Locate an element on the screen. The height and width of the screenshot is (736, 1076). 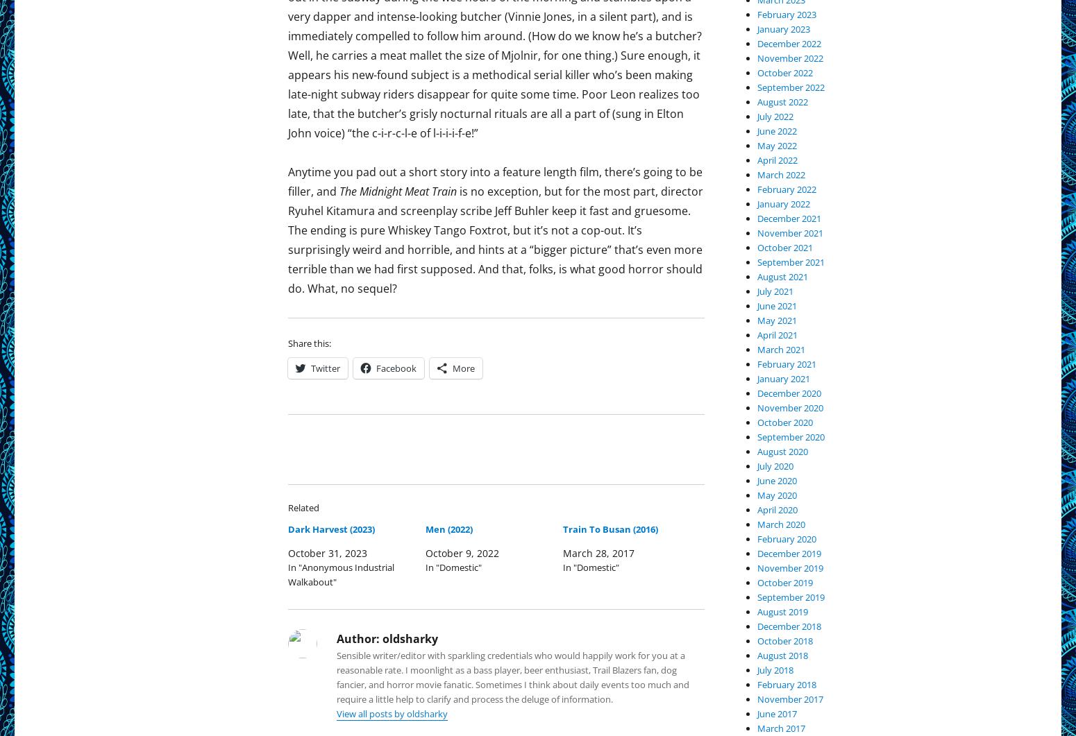
'October 9, 2022' is located at coordinates (426, 553).